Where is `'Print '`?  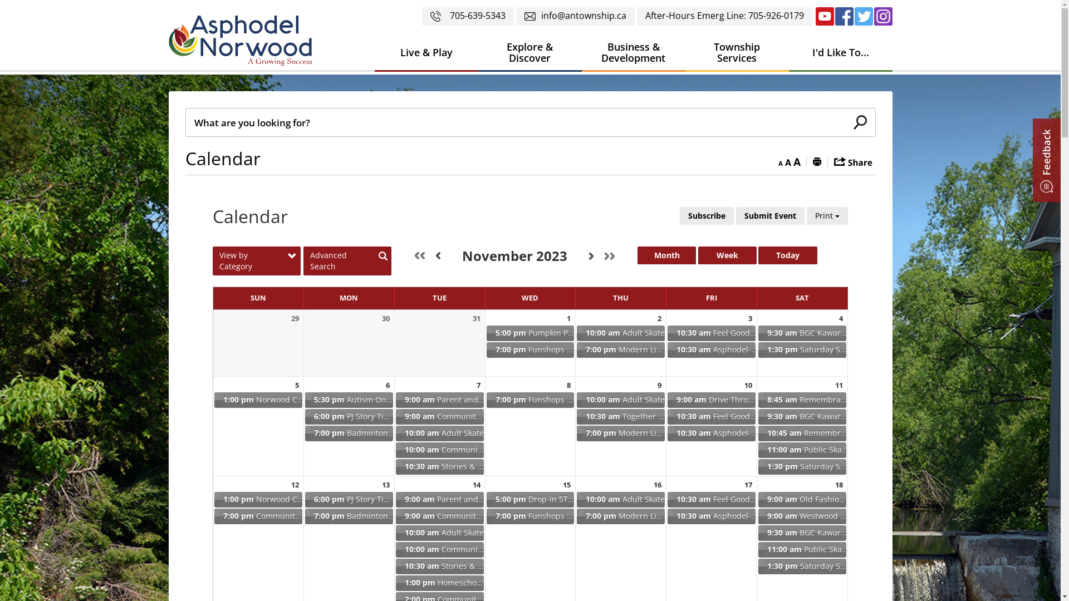
'Print ' is located at coordinates (807, 216).